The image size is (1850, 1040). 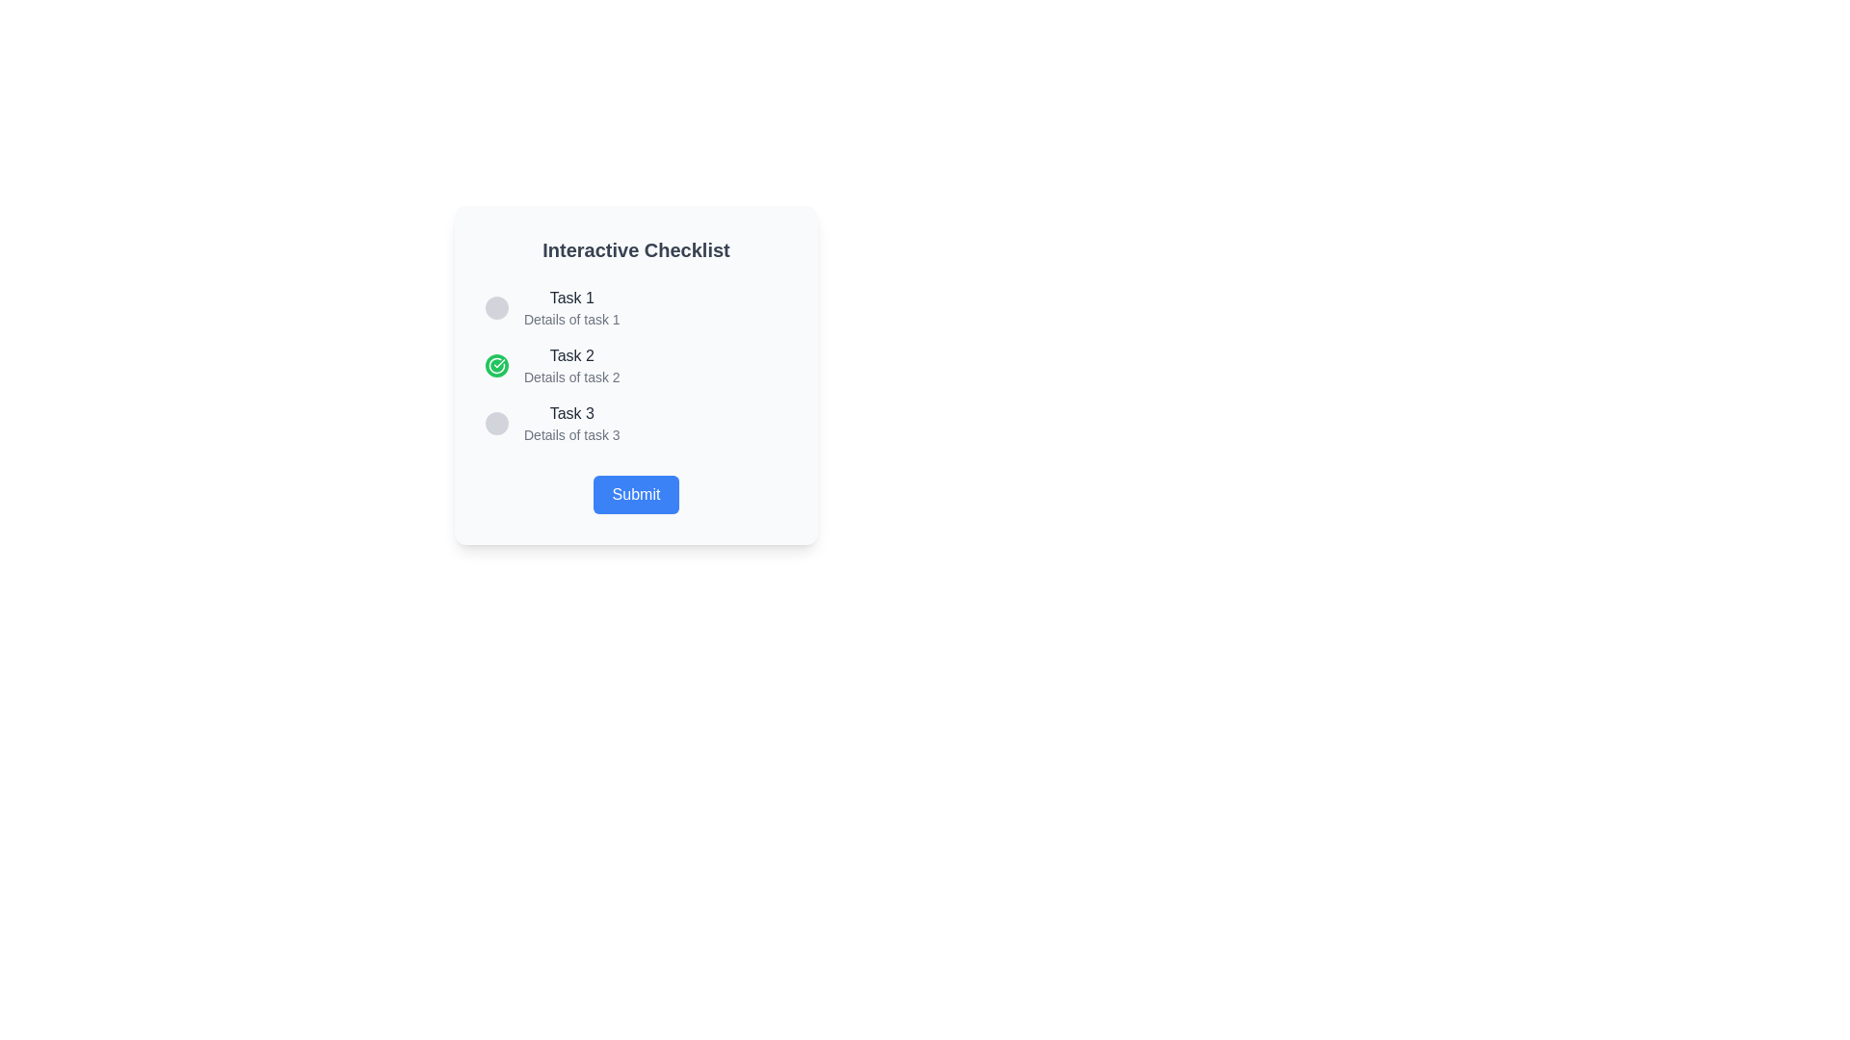 What do you see at coordinates (570, 318) in the screenshot?
I see `the descriptive text label for 'Task 1', which is the second line immediately below the heading 'Task 1'` at bounding box center [570, 318].